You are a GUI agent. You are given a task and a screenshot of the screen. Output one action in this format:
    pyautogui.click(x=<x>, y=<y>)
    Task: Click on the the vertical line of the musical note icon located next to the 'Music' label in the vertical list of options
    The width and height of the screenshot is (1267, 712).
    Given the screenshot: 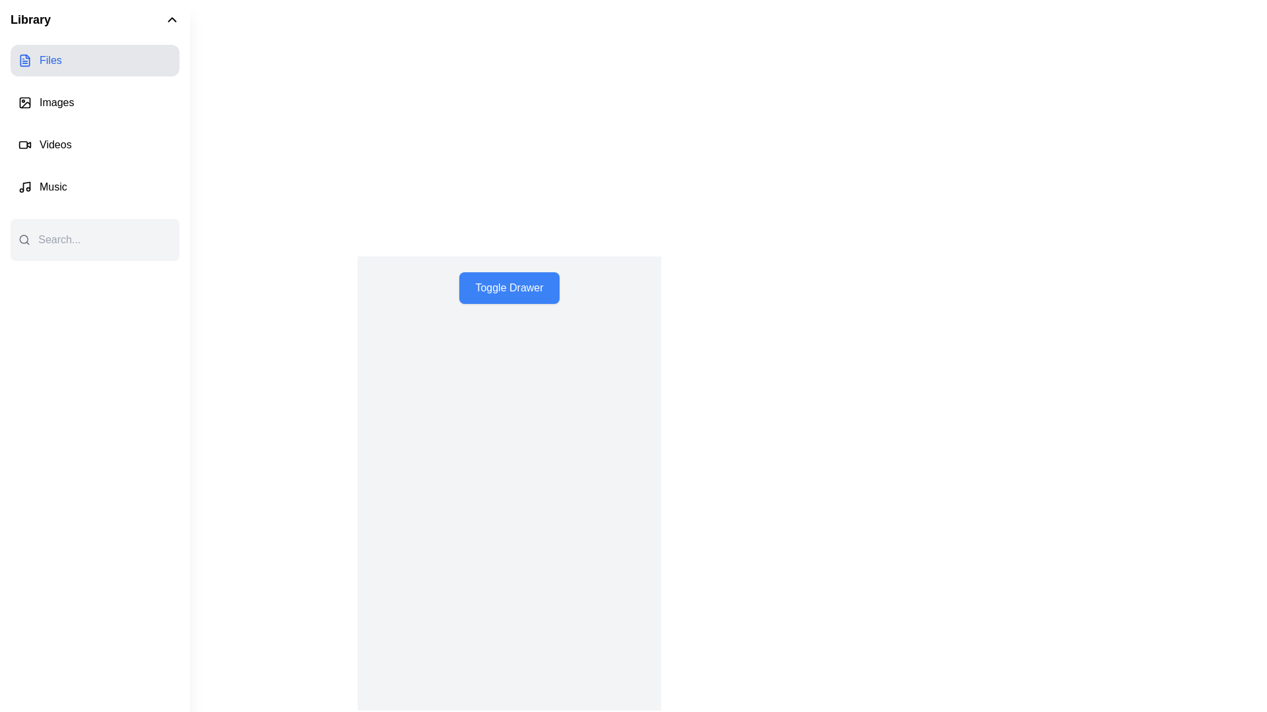 What is the action you would take?
    pyautogui.click(x=26, y=186)
    